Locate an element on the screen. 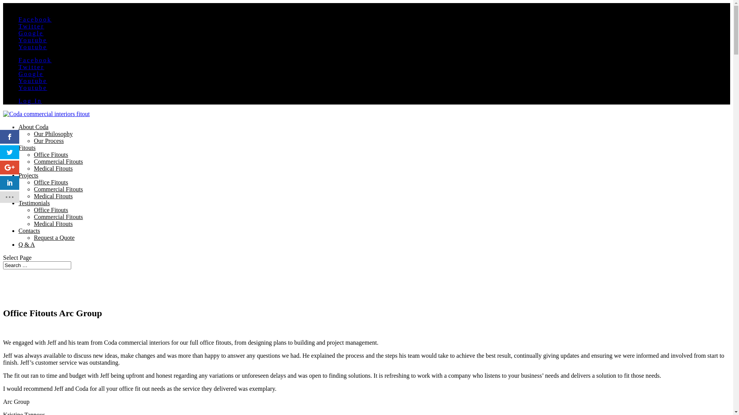 The image size is (739, 415). 'Projects' is located at coordinates (28, 175).